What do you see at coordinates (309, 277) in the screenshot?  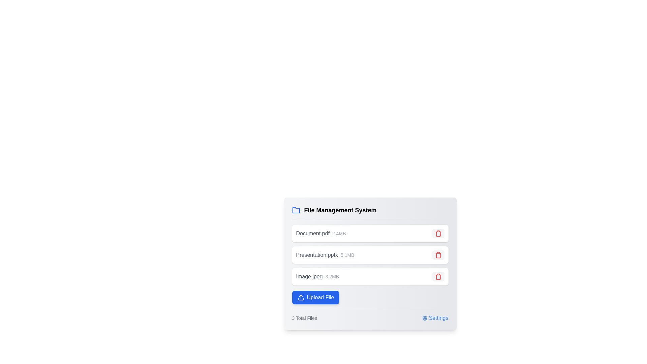 I see `the static text label displaying the filename 'Image.jpeg' in the file management interface, located in the third row with the file size '3.2MB' to its right` at bounding box center [309, 277].